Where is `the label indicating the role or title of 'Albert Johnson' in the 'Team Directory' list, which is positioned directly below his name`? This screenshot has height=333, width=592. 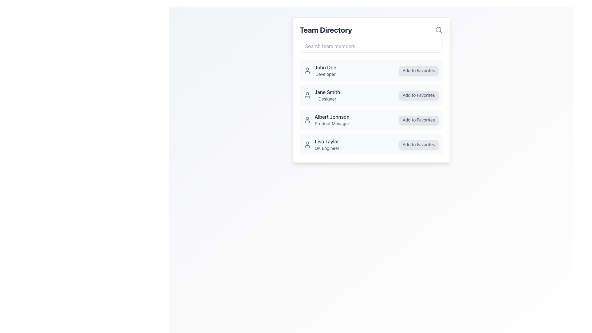
the label indicating the role or title of 'Albert Johnson' in the 'Team Directory' list, which is positioned directly below his name is located at coordinates (331, 124).